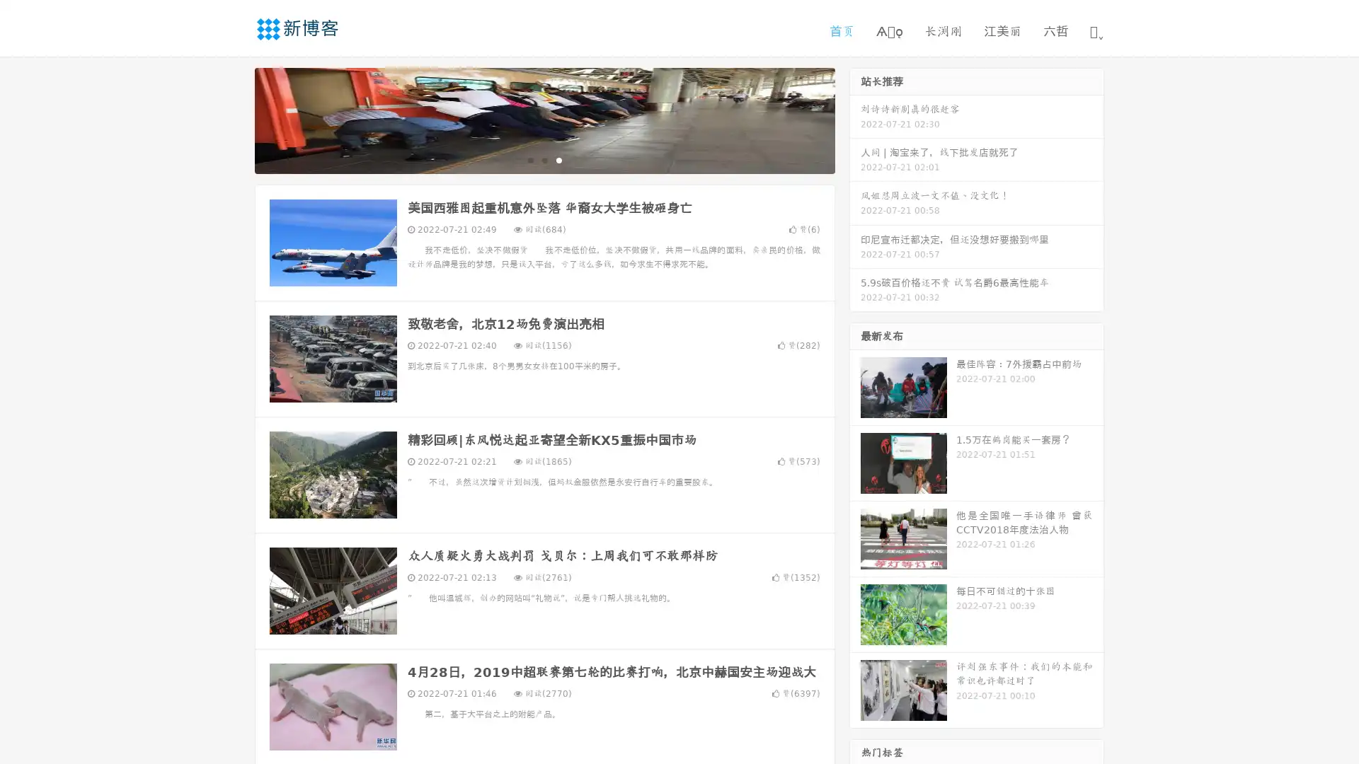  What do you see at coordinates (544, 159) in the screenshot?
I see `Go to slide 2` at bounding box center [544, 159].